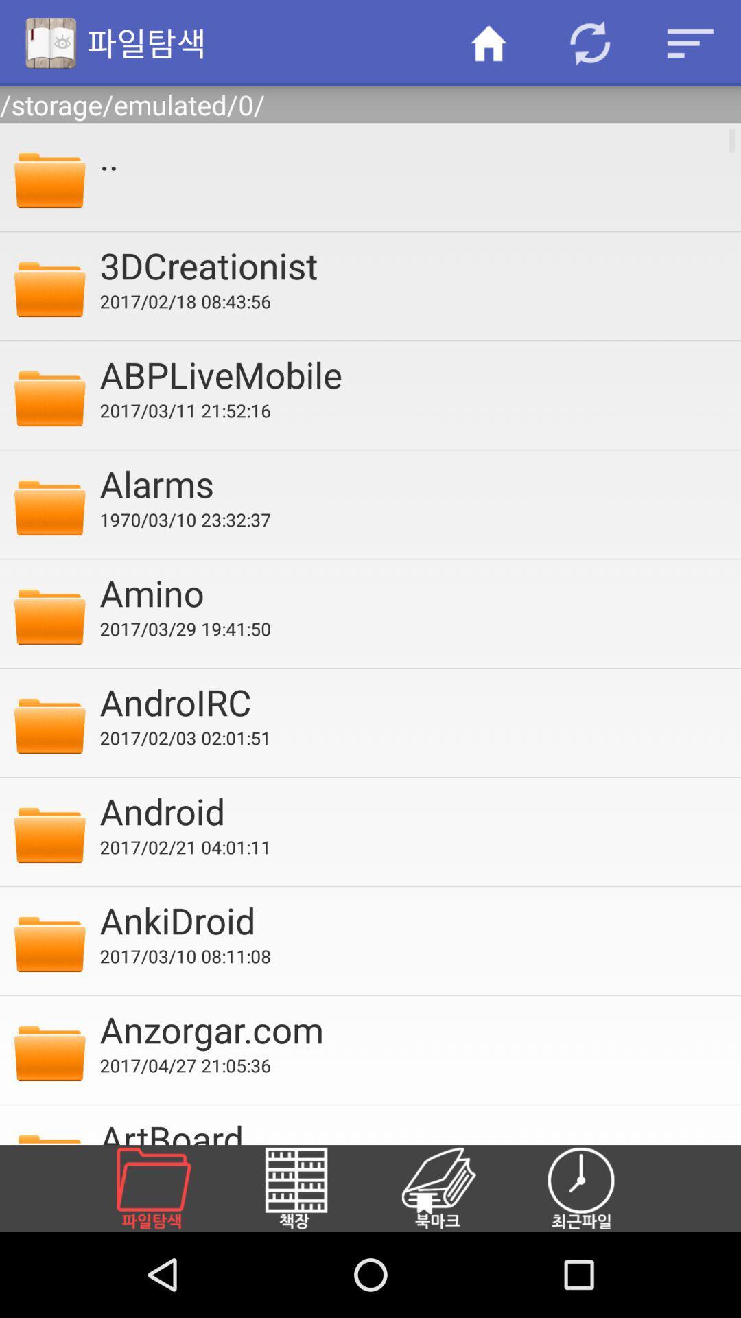 The width and height of the screenshot is (741, 1318). I want to click on the item above the 3dcreationist, so click(410, 156).